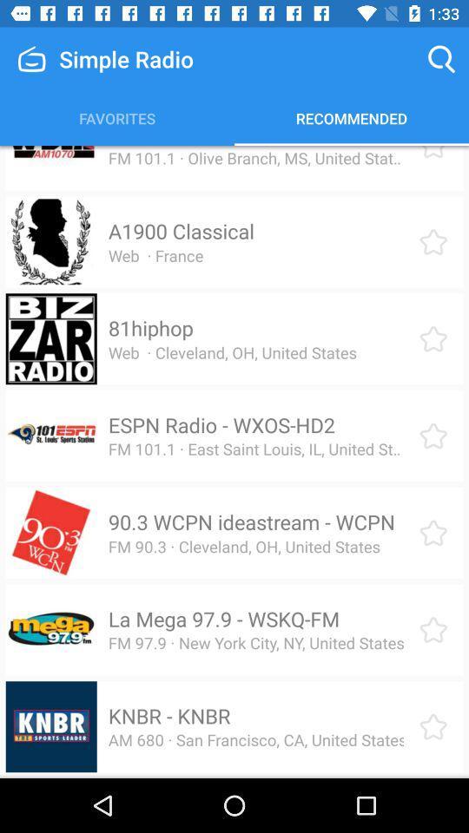 This screenshot has width=469, height=833. Describe the element at coordinates (441, 59) in the screenshot. I see `icon to the right of the simple radio icon` at that location.